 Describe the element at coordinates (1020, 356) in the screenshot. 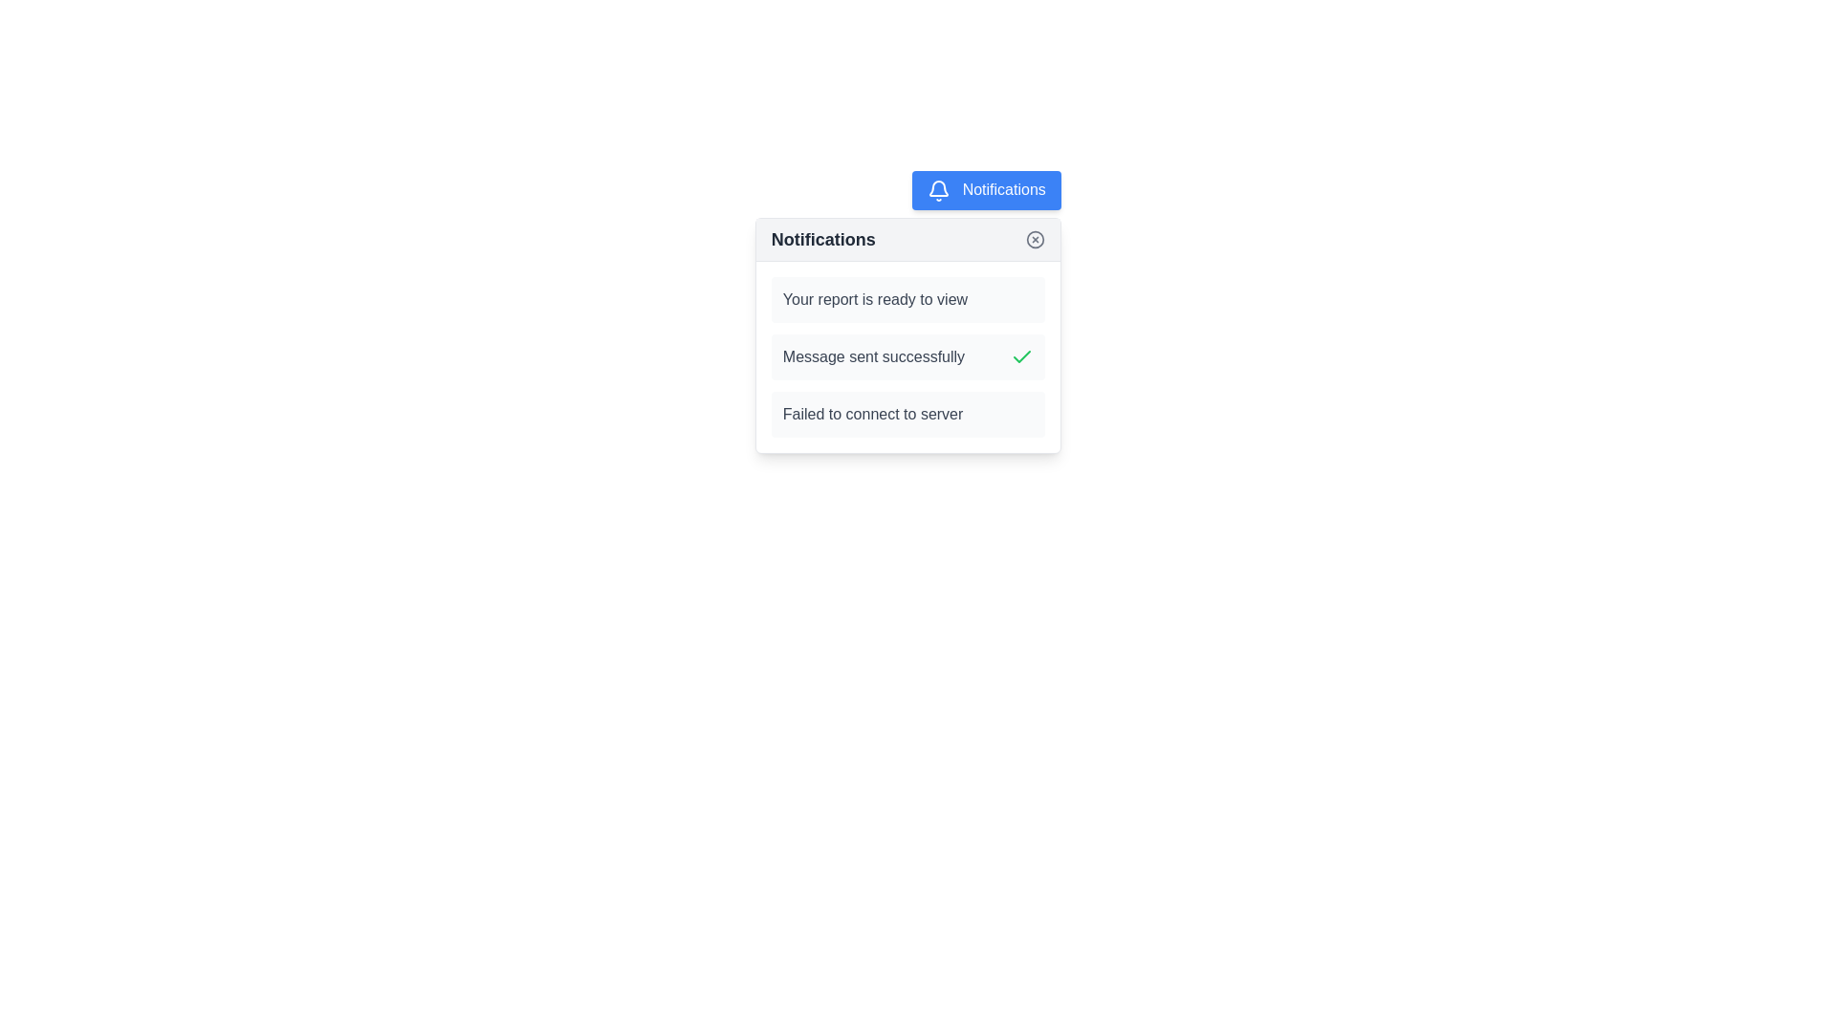

I see `the success icon positioned to the right of the text message 'Message sent successfully' in the second notification of the notification panel` at that location.